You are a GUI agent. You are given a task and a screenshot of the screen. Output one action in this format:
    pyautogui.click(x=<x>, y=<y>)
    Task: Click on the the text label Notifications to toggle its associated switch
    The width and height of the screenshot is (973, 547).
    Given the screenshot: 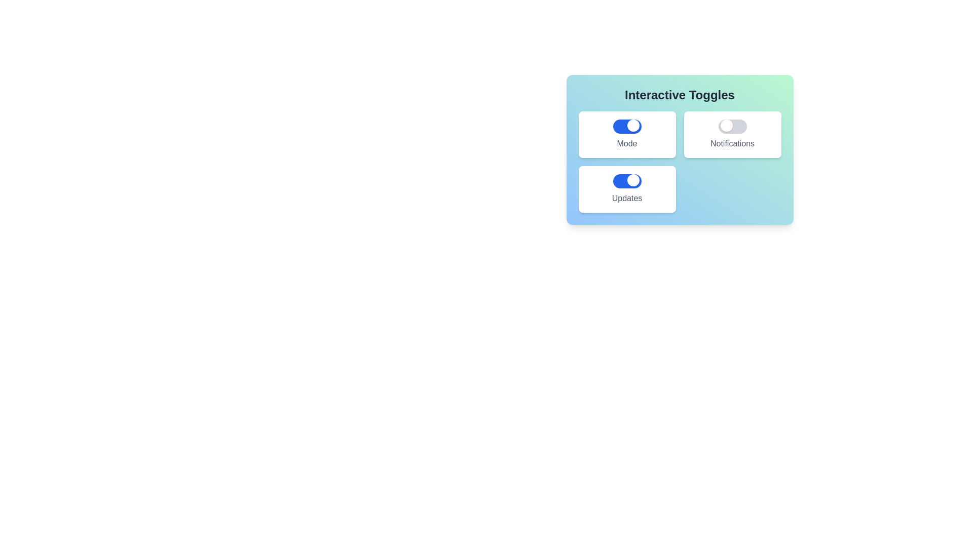 What is the action you would take?
    pyautogui.click(x=732, y=144)
    